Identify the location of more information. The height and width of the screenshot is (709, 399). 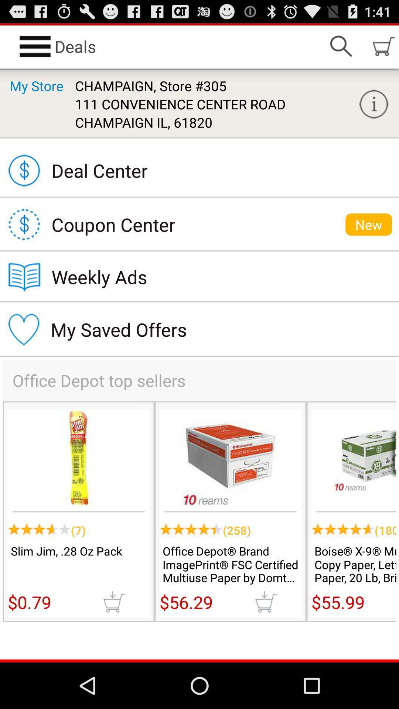
(374, 104).